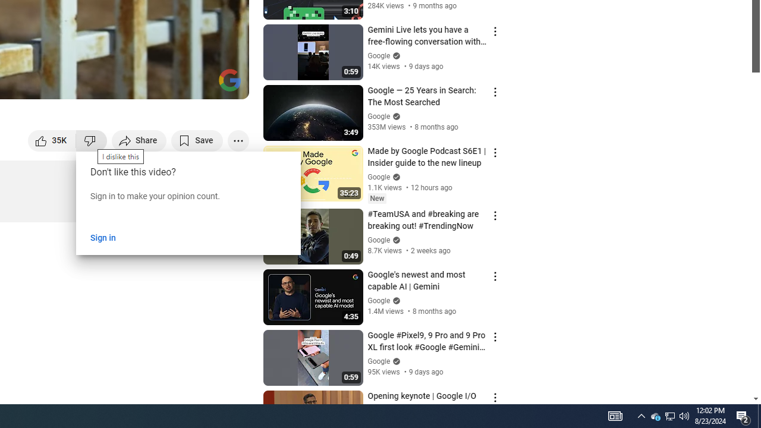 This screenshot has height=428, width=761. What do you see at coordinates (227, 84) in the screenshot?
I see `'Full screen (f)'` at bounding box center [227, 84].